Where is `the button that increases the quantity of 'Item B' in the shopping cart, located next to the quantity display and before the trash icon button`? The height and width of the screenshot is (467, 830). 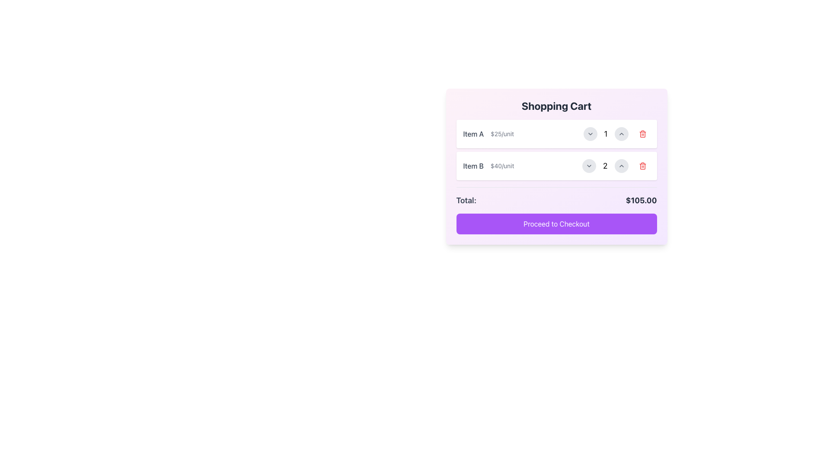
the button that increases the quantity of 'Item B' in the shopping cart, located next to the quantity display and before the trash icon button is located at coordinates (621, 166).